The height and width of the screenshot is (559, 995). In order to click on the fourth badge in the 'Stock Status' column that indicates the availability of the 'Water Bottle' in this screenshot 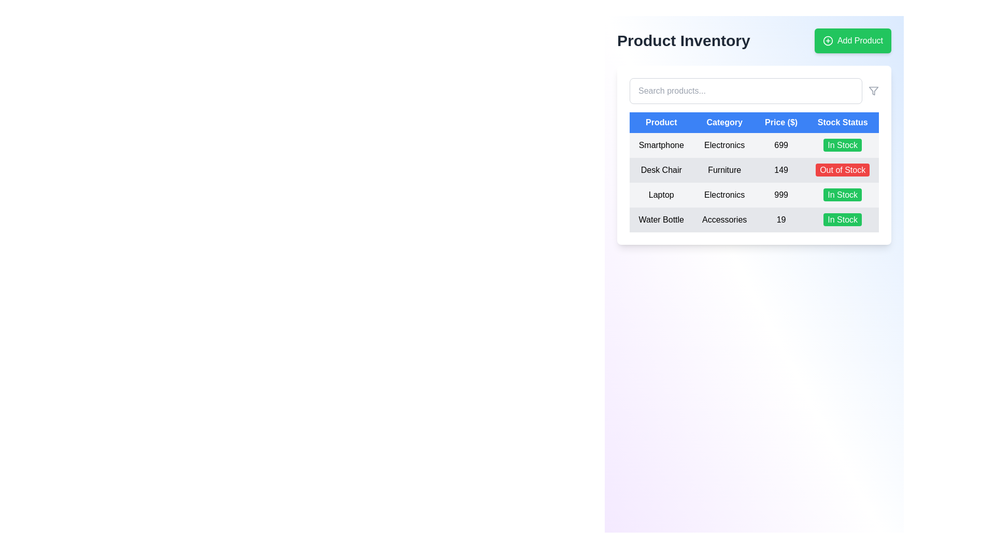, I will do `click(843, 219)`.